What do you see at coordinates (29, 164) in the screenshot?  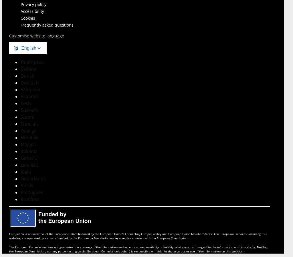 I see `'Latviešu'` at bounding box center [29, 164].